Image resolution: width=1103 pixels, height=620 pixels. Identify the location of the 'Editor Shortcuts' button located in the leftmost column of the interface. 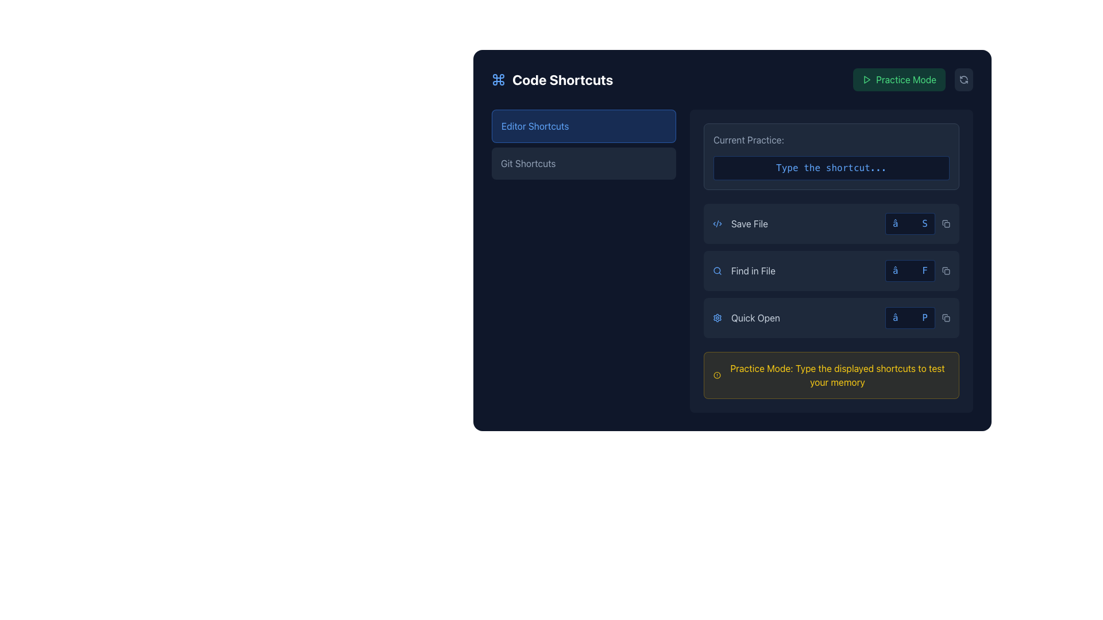
(584, 261).